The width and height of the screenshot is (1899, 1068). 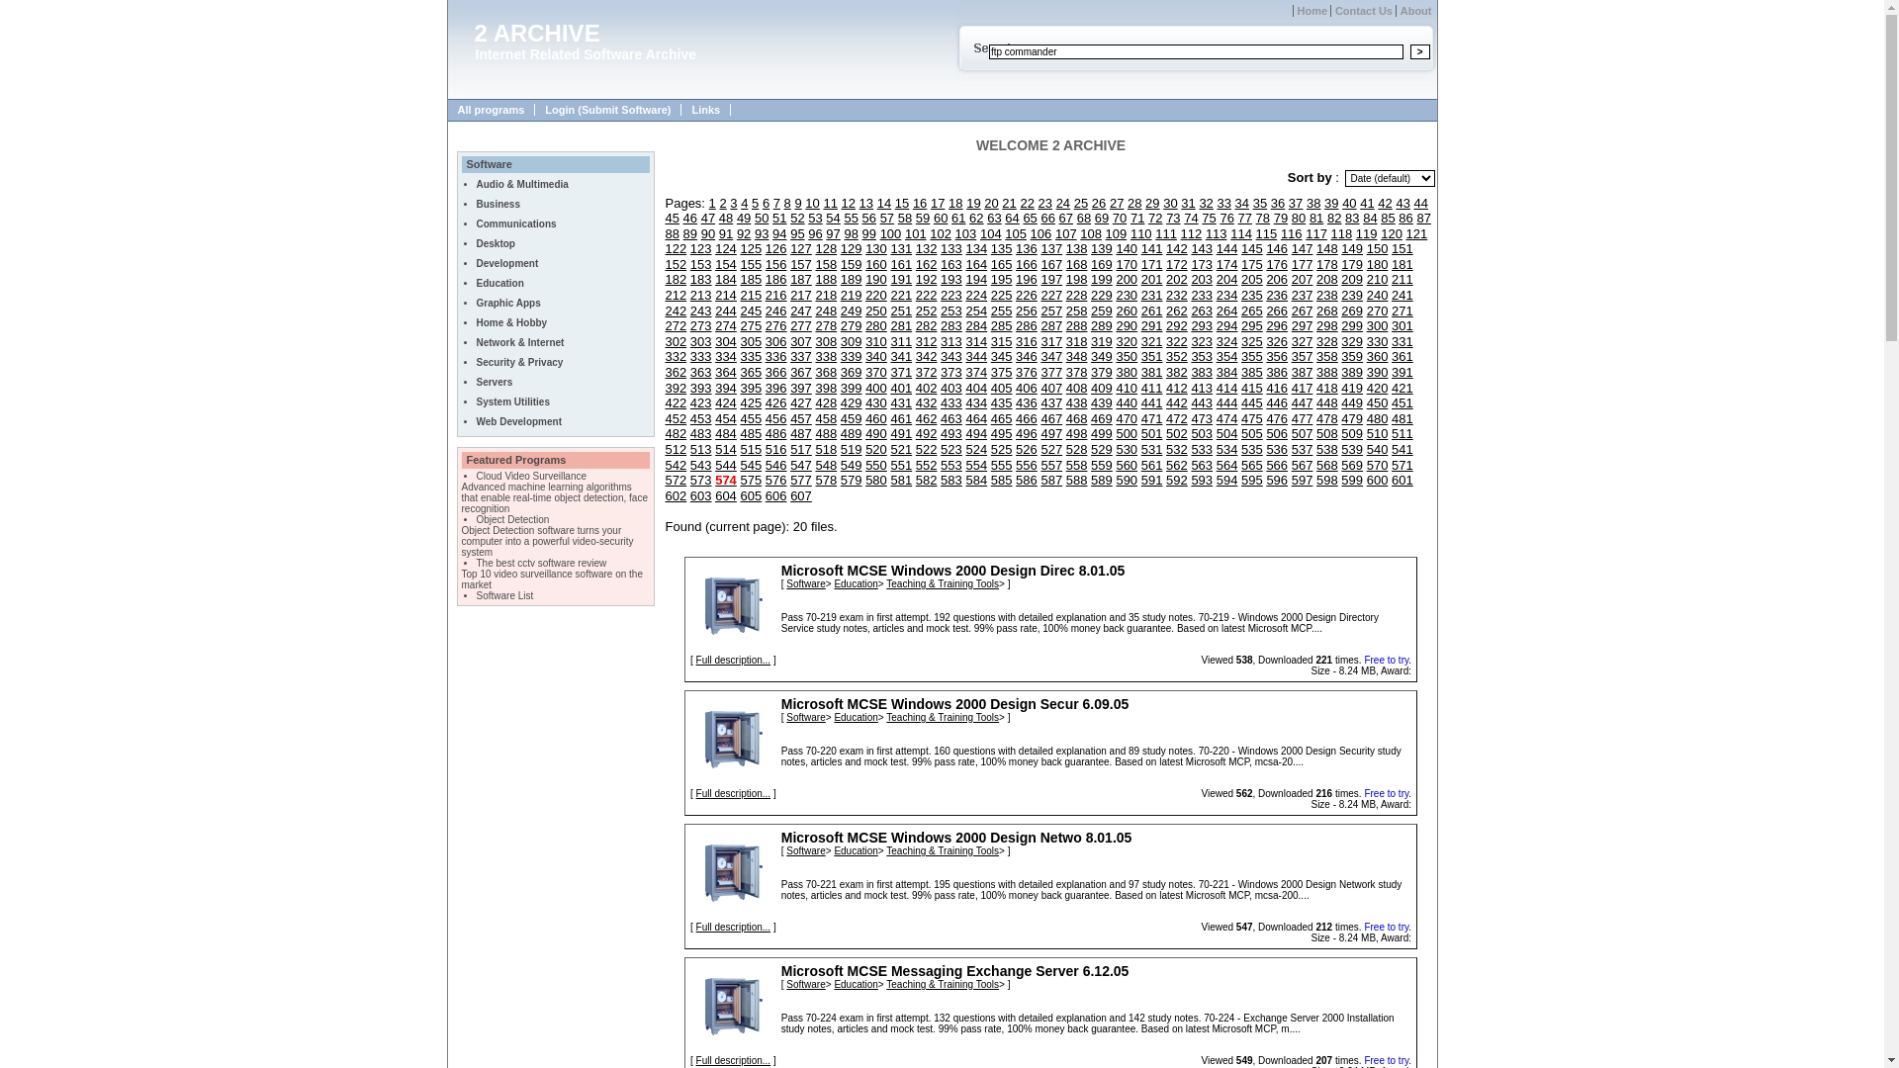 I want to click on 'About', so click(x=1412, y=11).